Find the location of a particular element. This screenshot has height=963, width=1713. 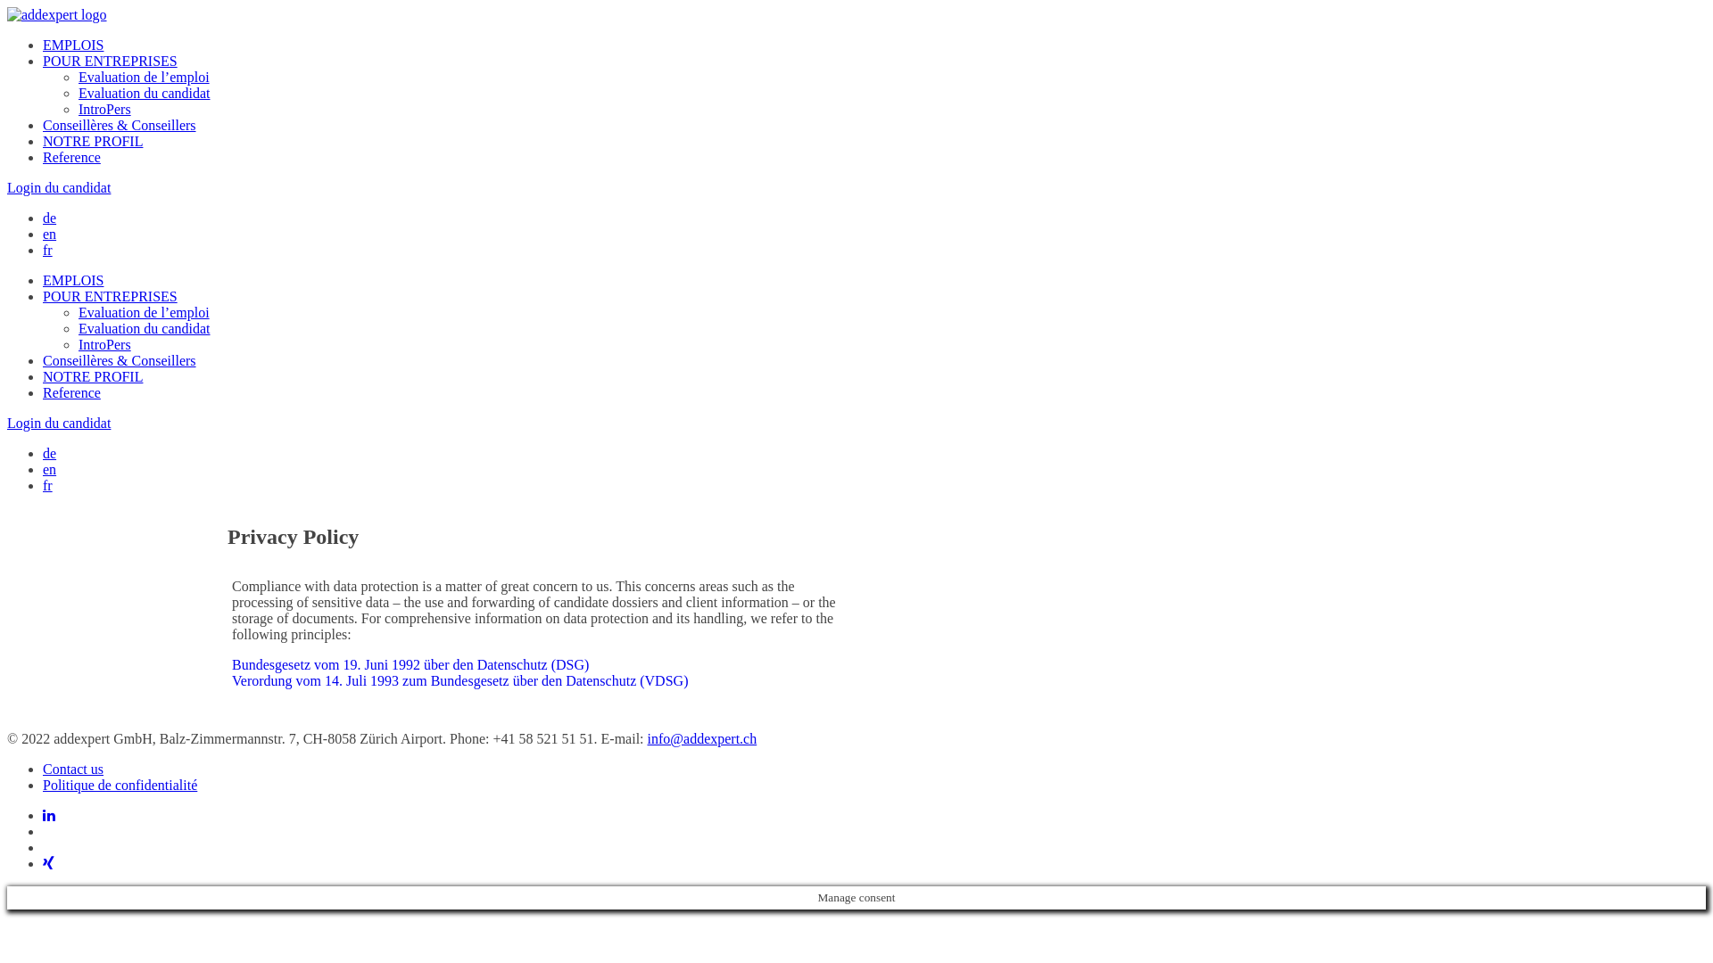

'EMPLOIS' is located at coordinates (71, 44).